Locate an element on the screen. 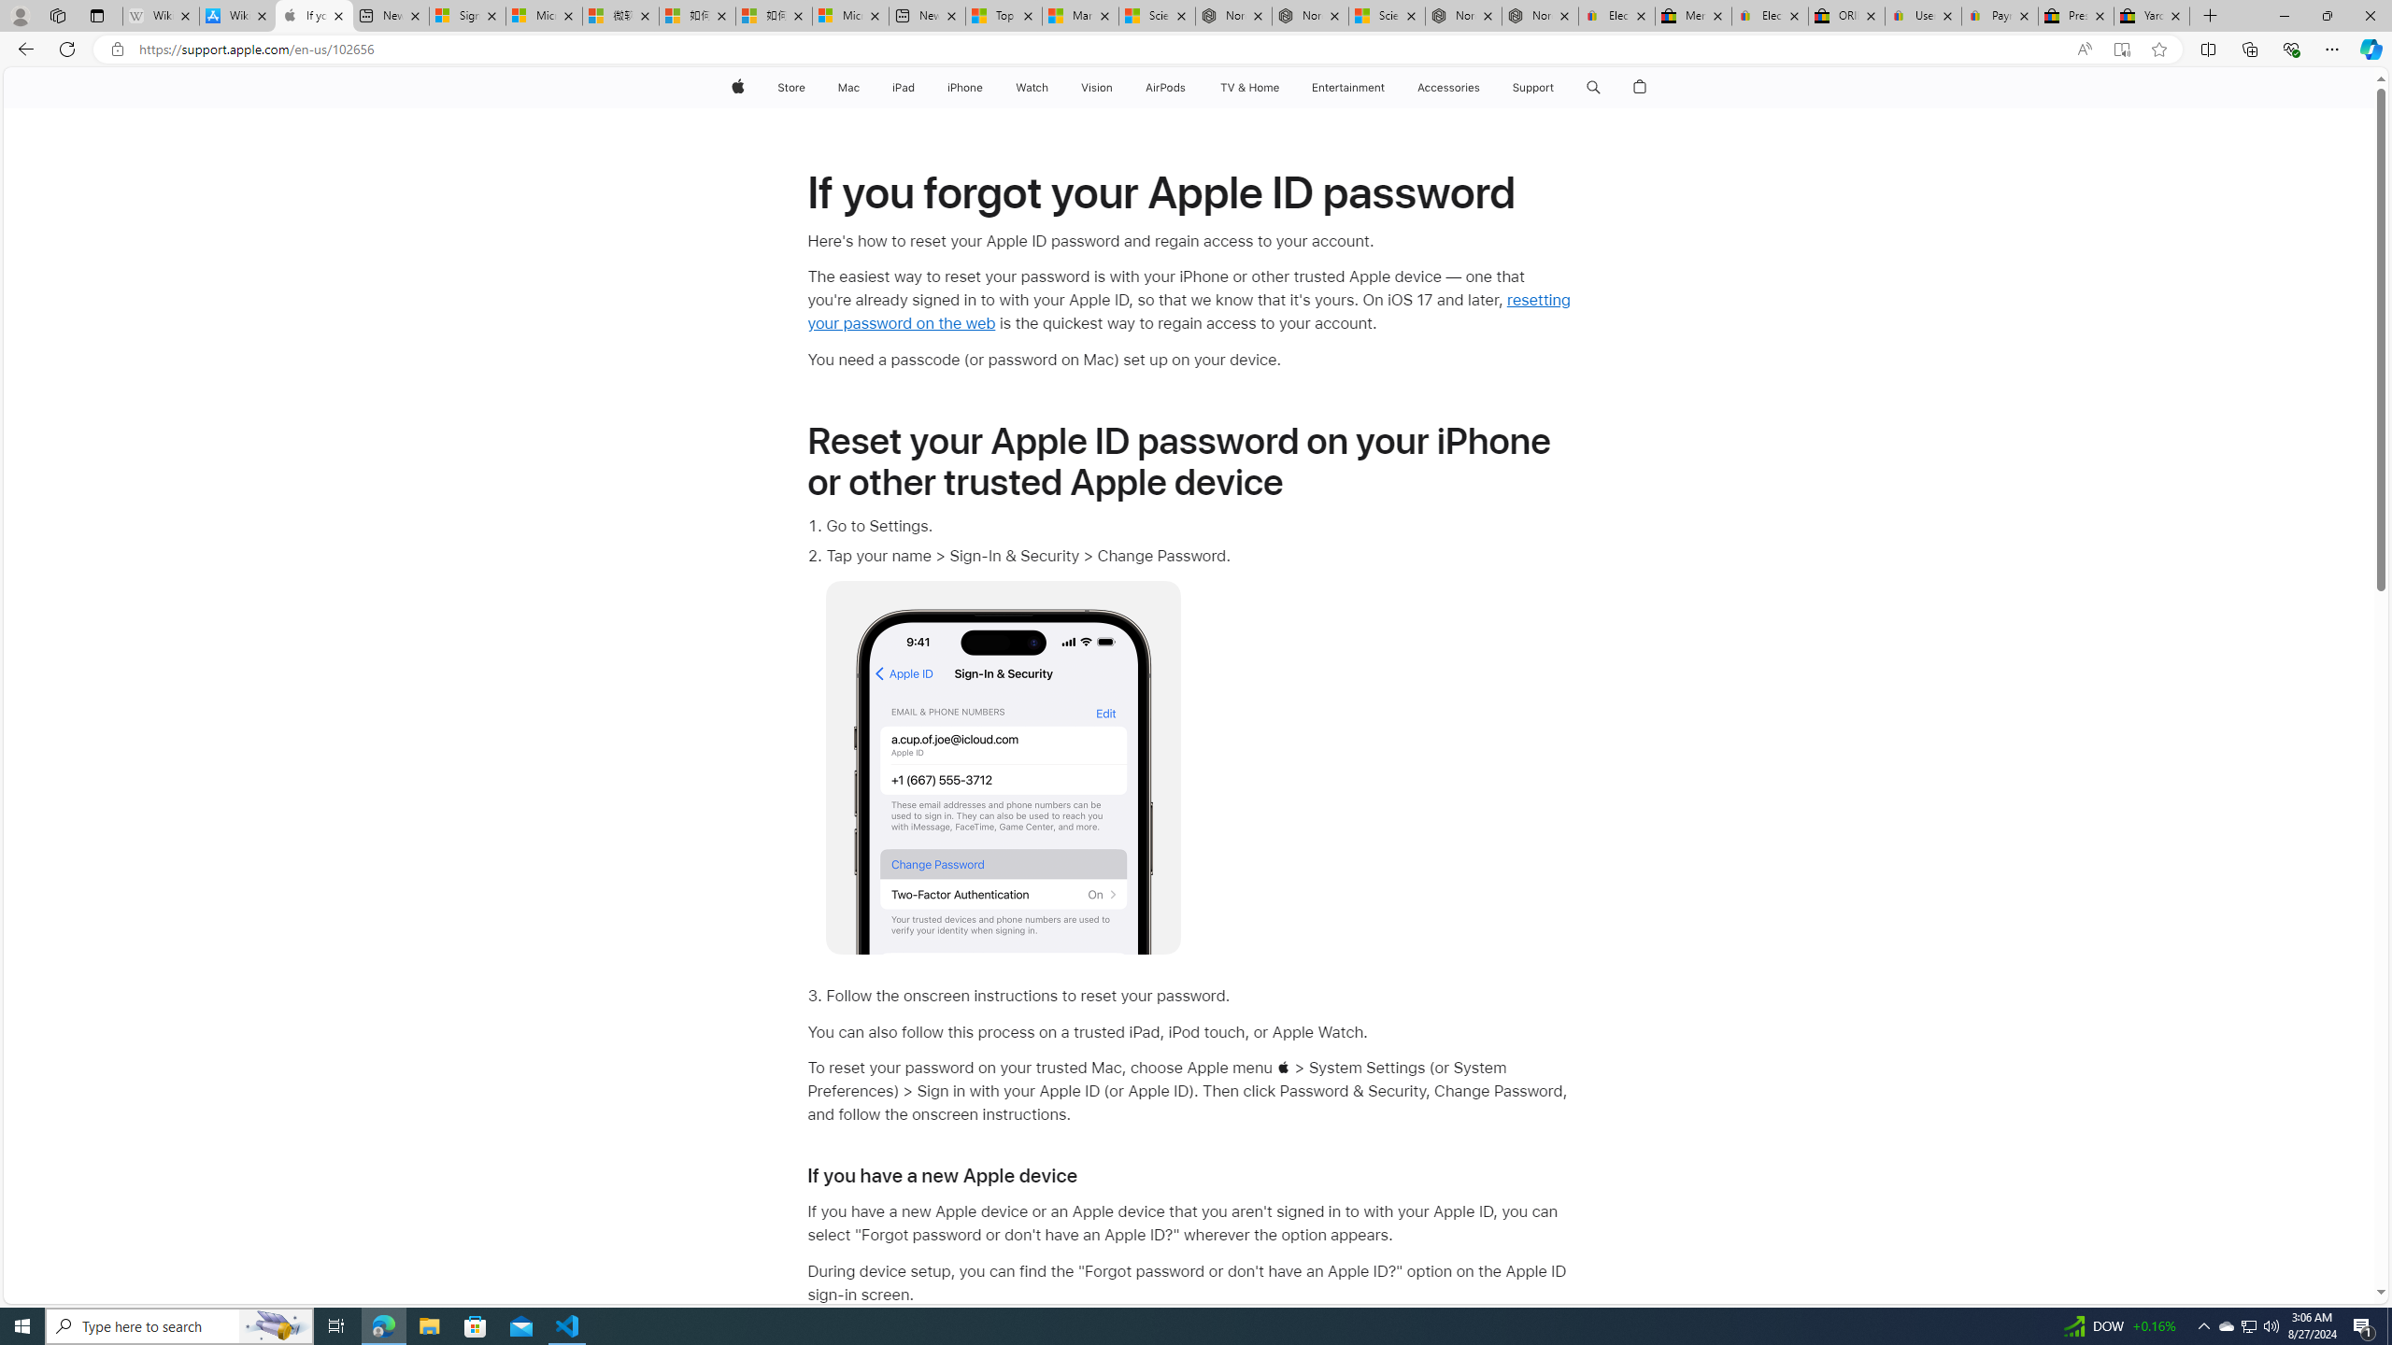 The height and width of the screenshot is (1345, 2392). 'Store menu' is located at coordinates (808, 87).